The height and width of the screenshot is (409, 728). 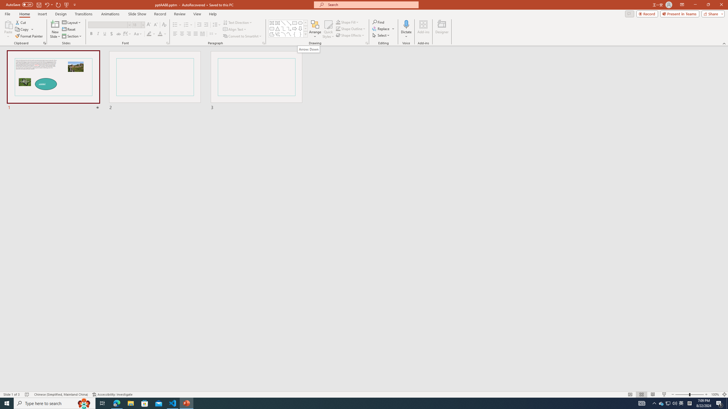 I want to click on 'Decrease Font Size', so click(x=155, y=25).